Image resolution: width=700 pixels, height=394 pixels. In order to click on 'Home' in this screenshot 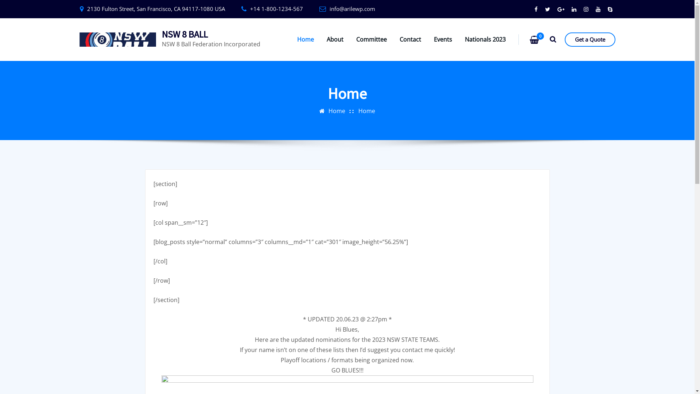, I will do `click(306, 39)`.